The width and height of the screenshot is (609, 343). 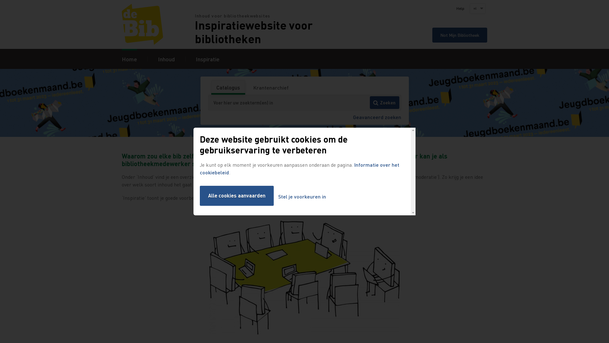 I want to click on 'Overslaan en naar zoeken gaan', so click(x=0, y=0).